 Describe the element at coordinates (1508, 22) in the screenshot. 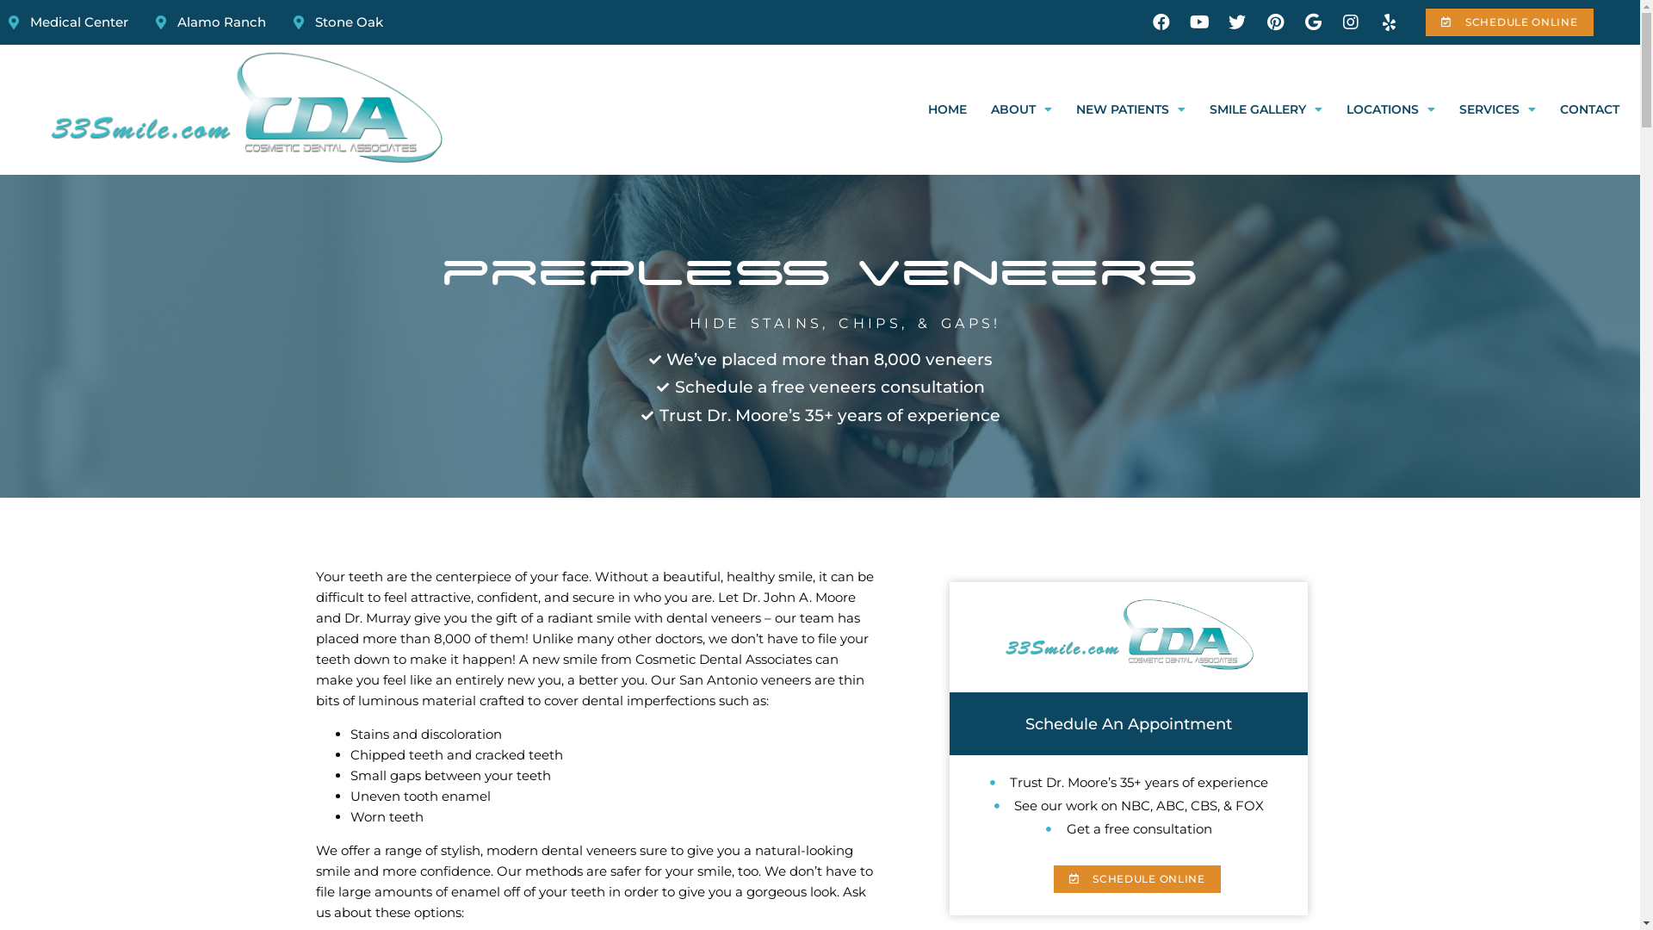

I see `'SCHEDULE ONLINE'` at that location.